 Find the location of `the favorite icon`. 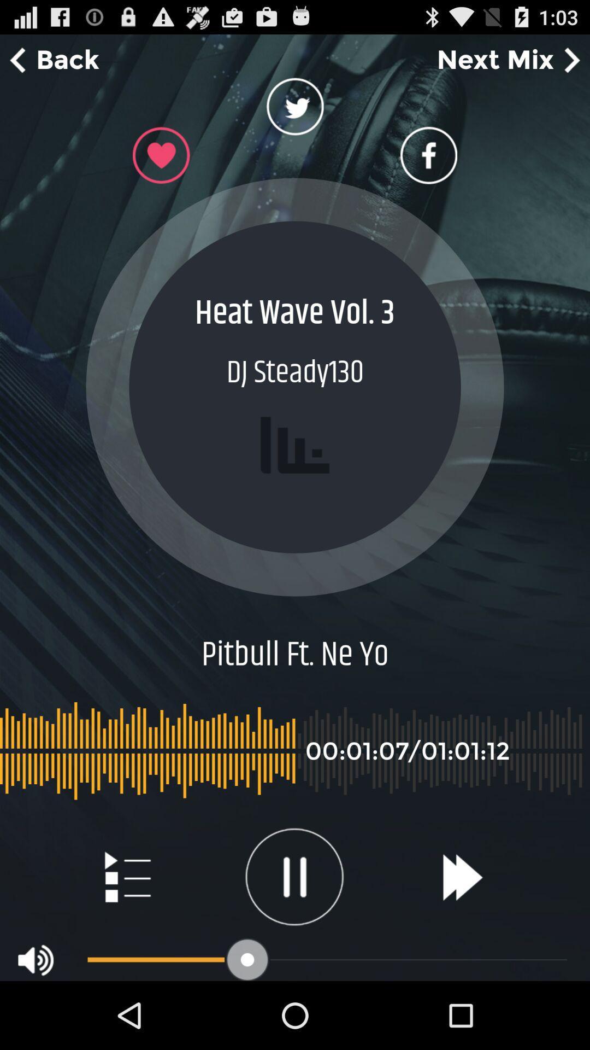

the favorite icon is located at coordinates (161, 166).